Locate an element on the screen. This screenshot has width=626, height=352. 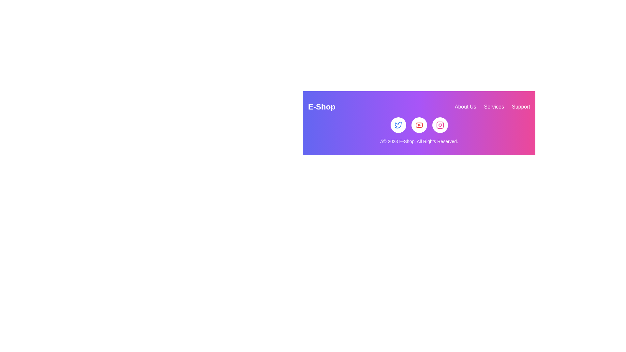
the 'About Us' clickable hyperlink text in the top-right section of the navigation menu is located at coordinates (465, 106).